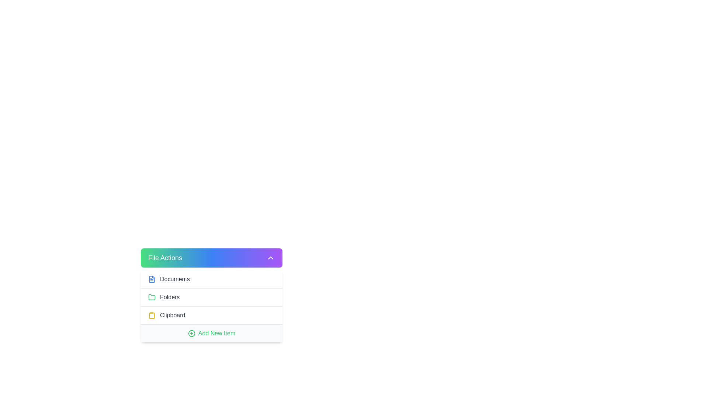 The height and width of the screenshot is (398, 708). Describe the element at coordinates (152, 297) in the screenshot. I see `the folder icon located to the left of the 'Folders' text in the second row of the 'File Actions' menu, which is situated below the 'Documents' section` at that location.